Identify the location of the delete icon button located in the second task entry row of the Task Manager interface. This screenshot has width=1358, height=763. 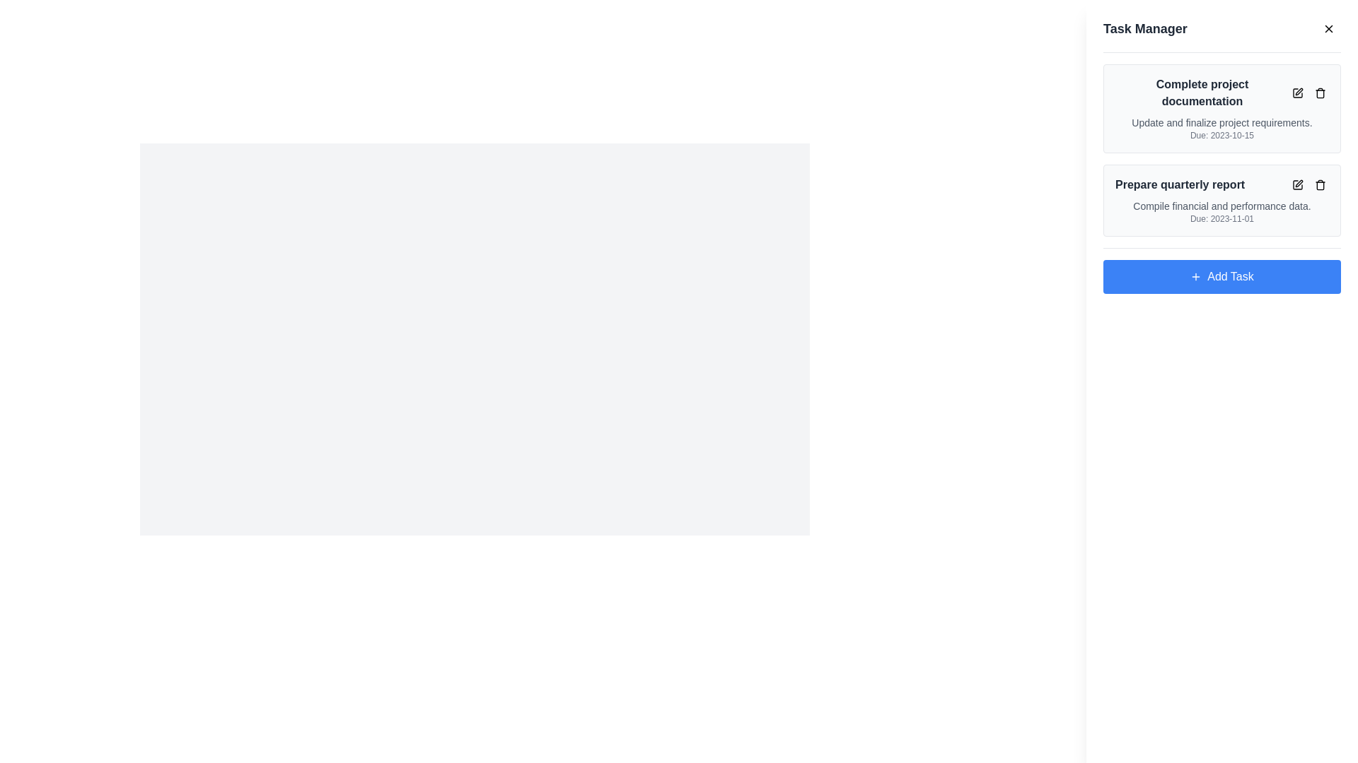
(1320, 184).